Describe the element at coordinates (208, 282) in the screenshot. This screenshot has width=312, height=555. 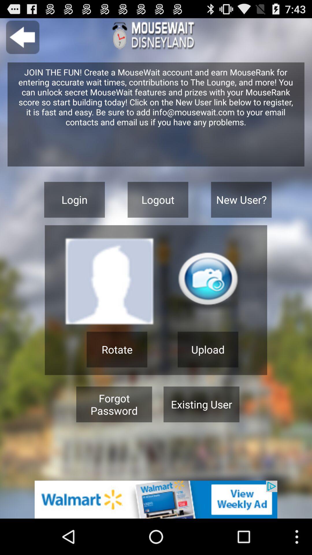
I see `upload photo` at that location.